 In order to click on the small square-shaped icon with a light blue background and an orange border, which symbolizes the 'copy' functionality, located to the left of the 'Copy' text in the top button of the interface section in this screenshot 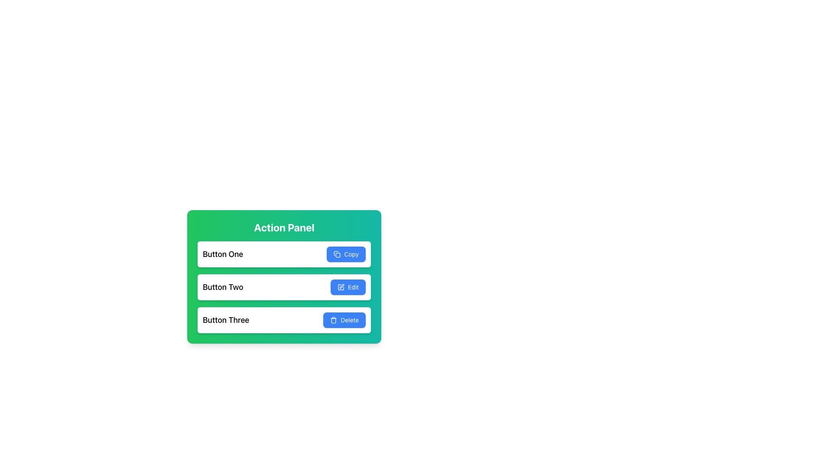, I will do `click(337, 253)`.